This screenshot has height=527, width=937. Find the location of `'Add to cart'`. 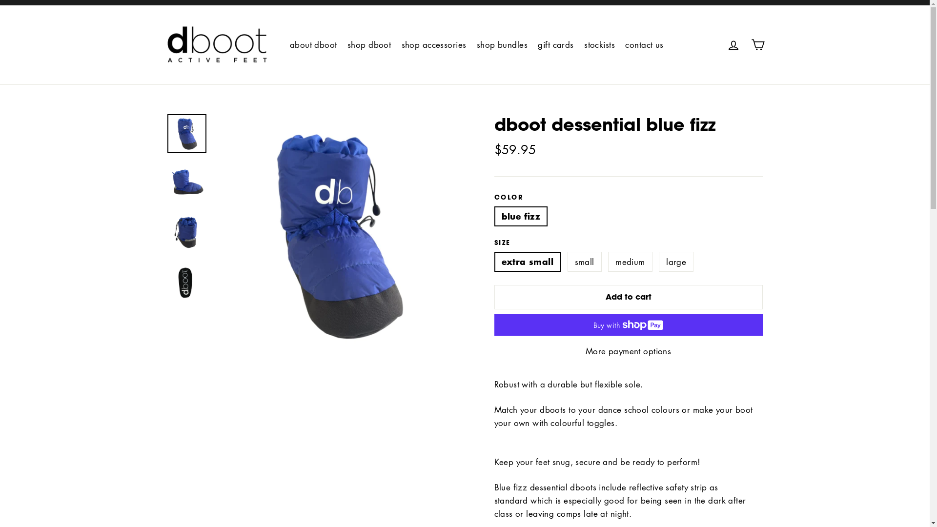

'Add to cart' is located at coordinates (628, 297).